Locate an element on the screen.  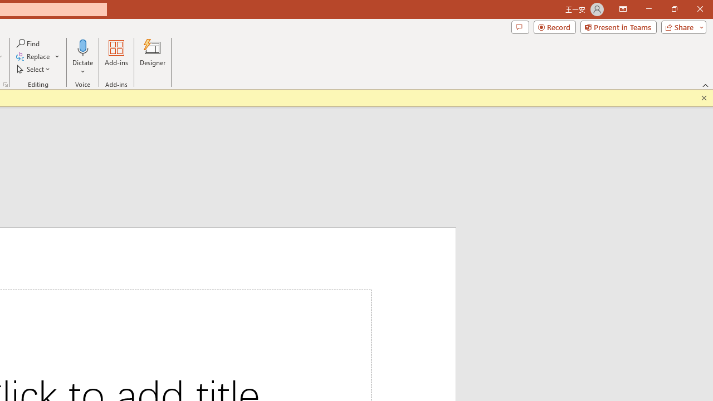
'Find...' is located at coordinates (28, 43).